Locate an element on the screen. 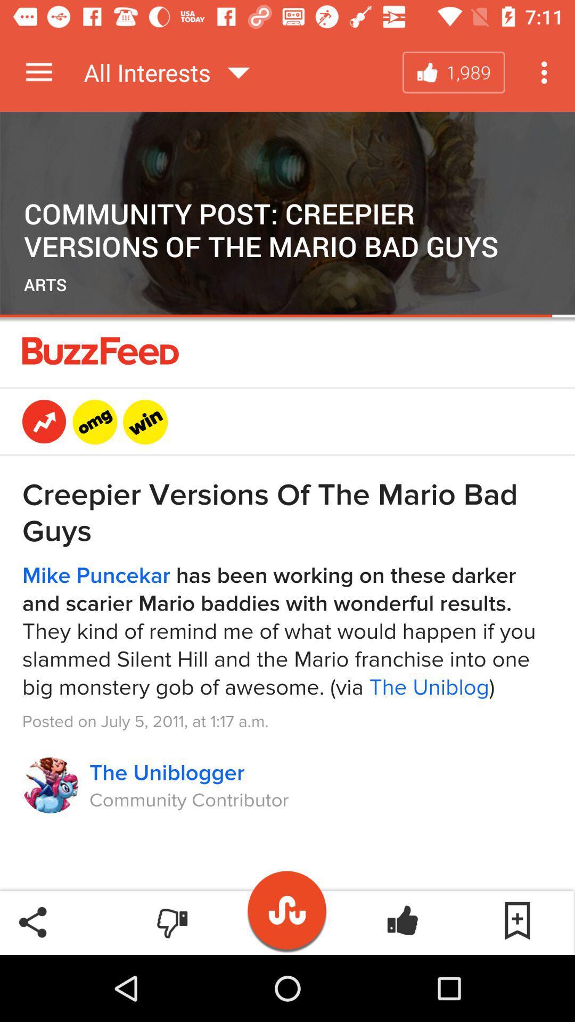 Image resolution: width=575 pixels, height=1022 pixels. musically is located at coordinates (287, 904).